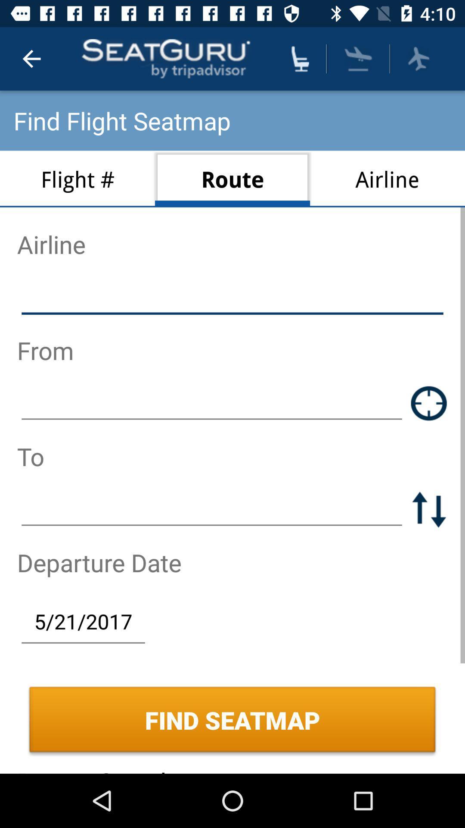  Describe the element at coordinates (83, 621) in the screenshot. I see `the item above the find seatmap` at that location.